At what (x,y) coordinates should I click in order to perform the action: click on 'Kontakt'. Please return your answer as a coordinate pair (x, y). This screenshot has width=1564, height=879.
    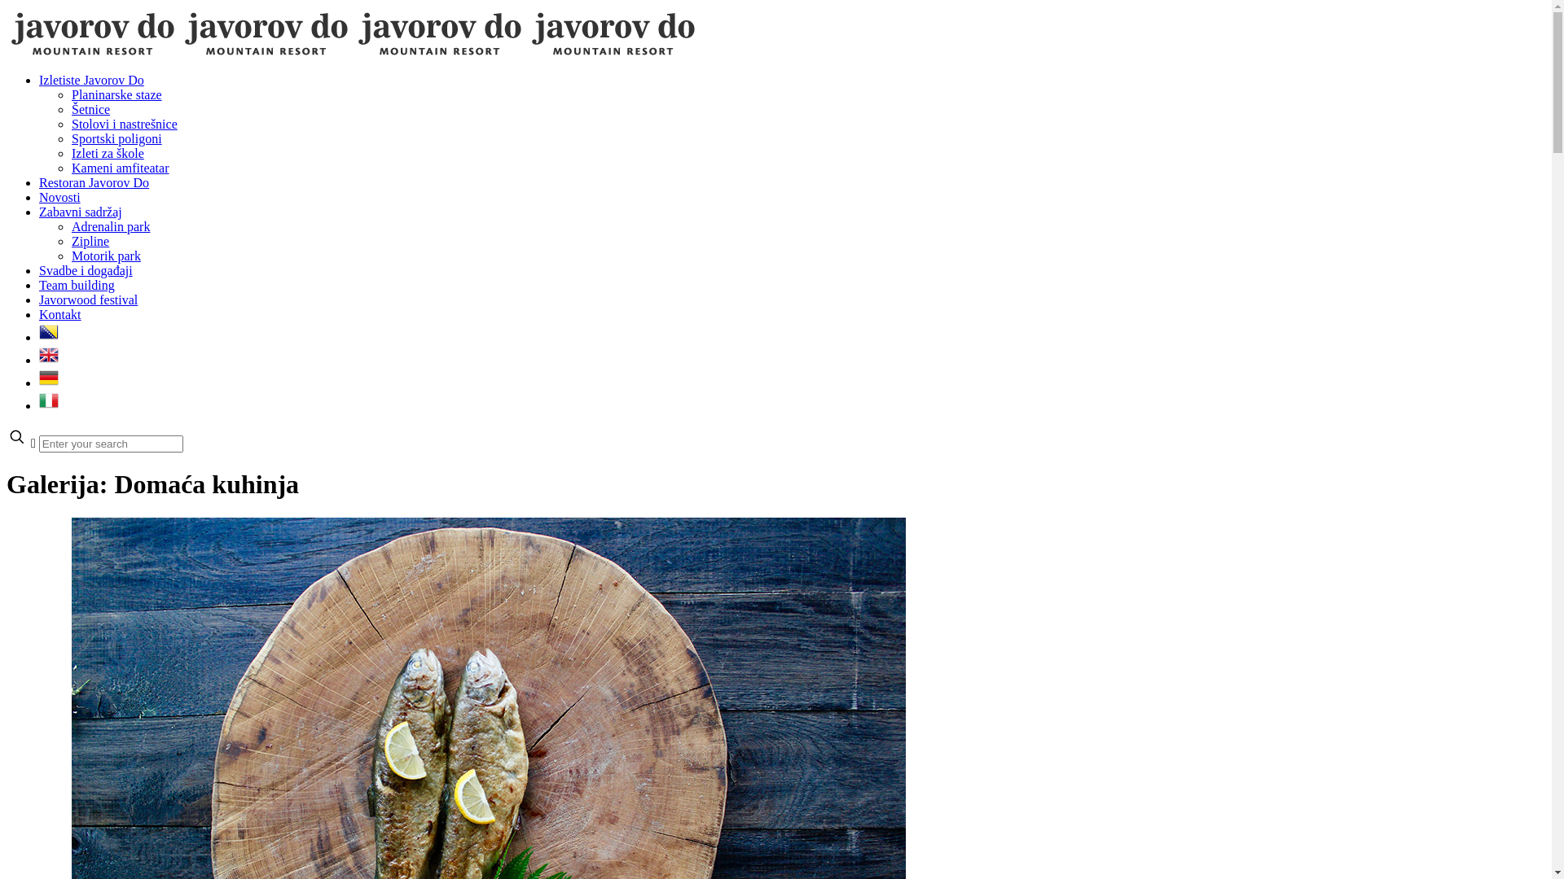
    Looking at the image, I should click on (59, 314).